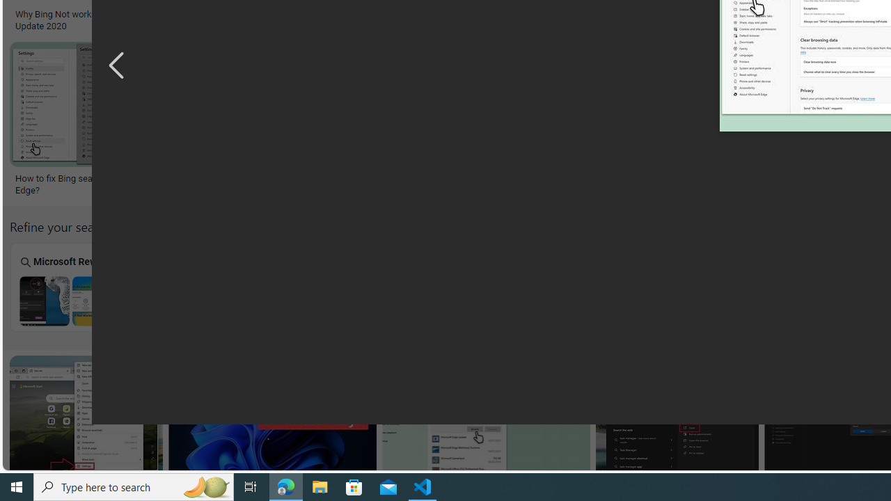 This screenshot has height=501, width=891. I want to click on 'Why Bing Not working on windows 10? Update 2020', so click(94, 20).